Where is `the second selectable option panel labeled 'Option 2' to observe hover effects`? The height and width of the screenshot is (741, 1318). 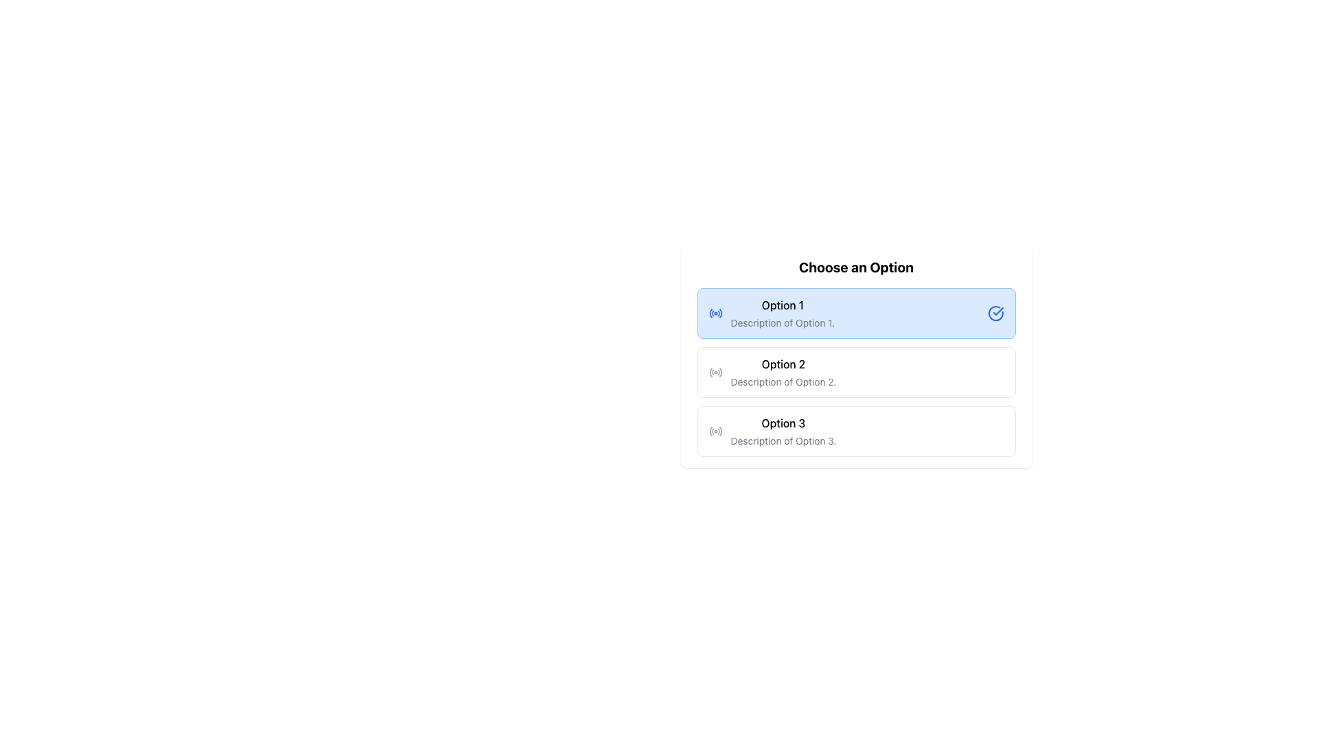 the second selectable option panel labeled 'Option 2' to observe hover effects is located at coordinates (855, 373).